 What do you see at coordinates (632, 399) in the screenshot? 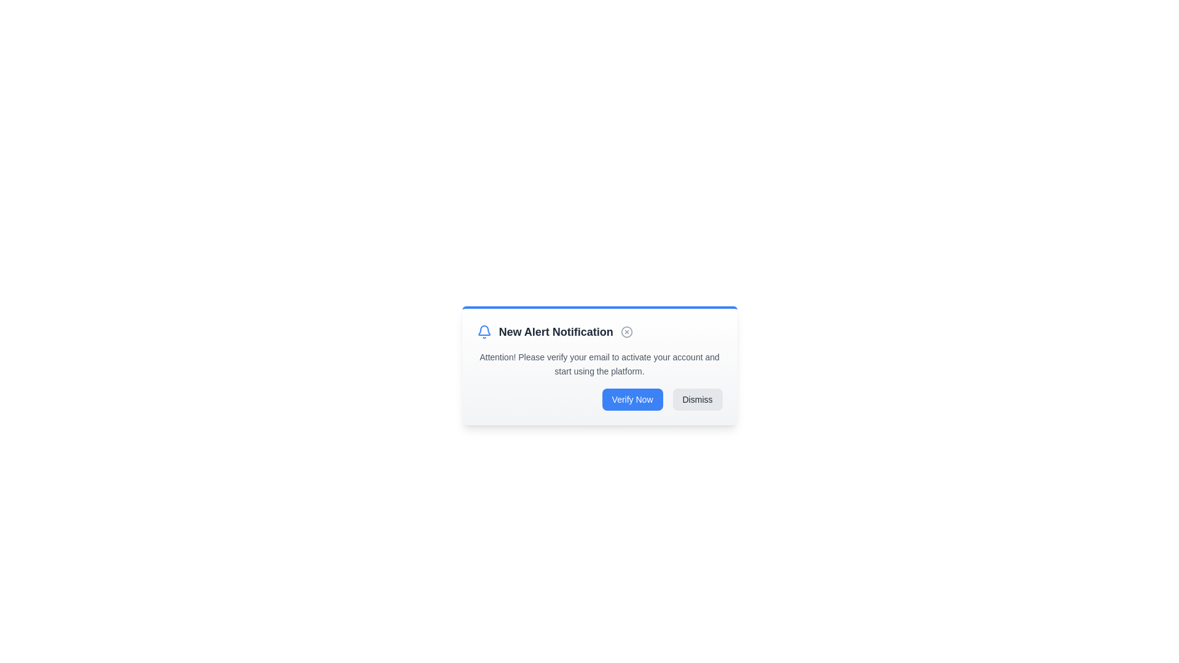
I see `the 'Verify Now' button, which is a rounded rectangular button with a blue background and white text located in the bottom-right section of a notification panel` at bounding box center [632, 399].